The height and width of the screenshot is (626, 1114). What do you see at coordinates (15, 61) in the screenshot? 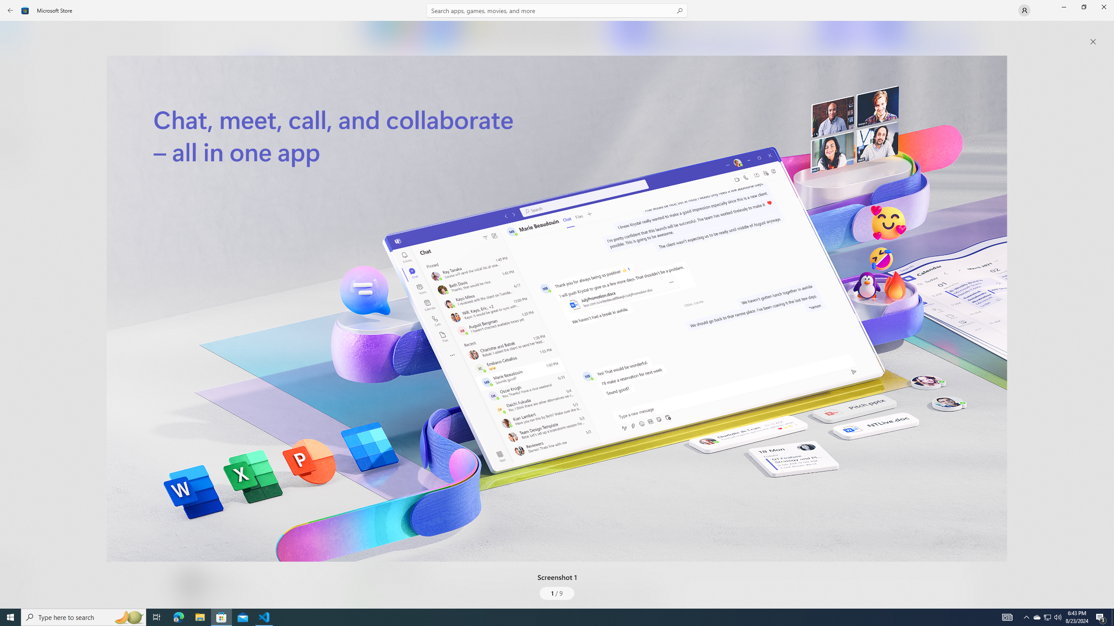
I see `'Apps'` at bounding box center [15, 61].